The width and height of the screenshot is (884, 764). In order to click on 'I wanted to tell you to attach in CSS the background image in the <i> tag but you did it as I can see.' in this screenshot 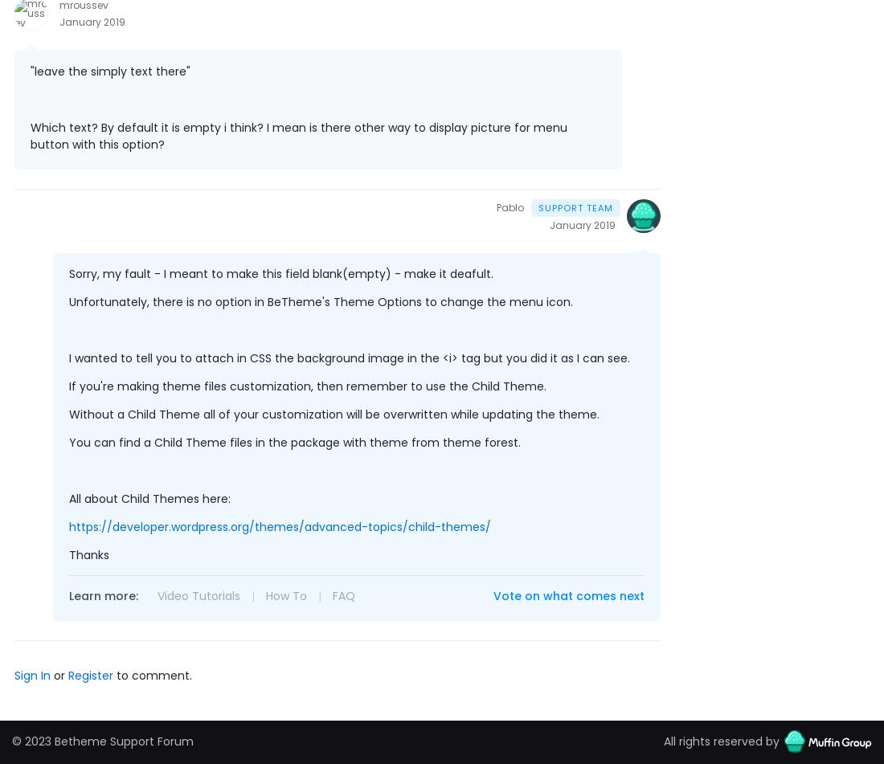, I will do `click(69, 358)`.